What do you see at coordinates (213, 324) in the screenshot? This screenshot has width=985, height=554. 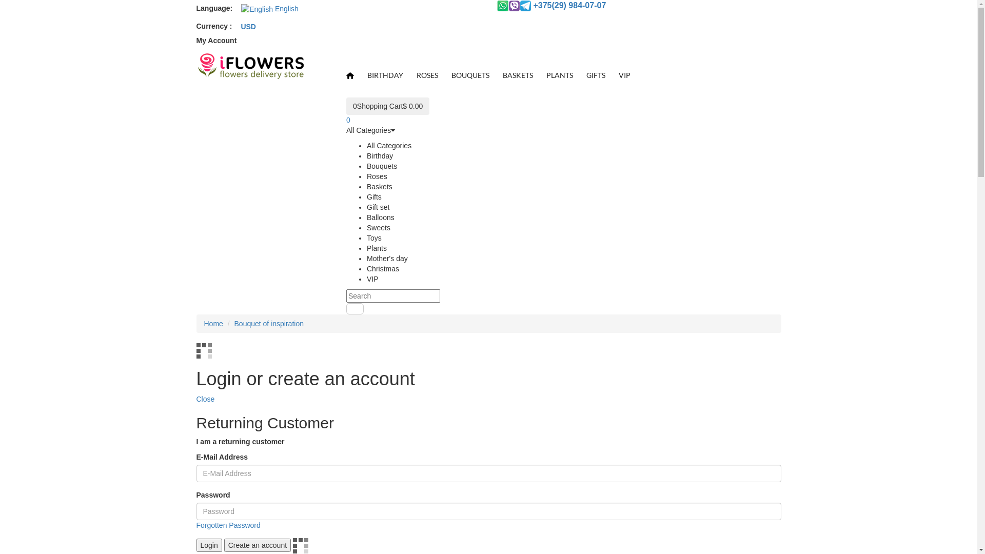 I see `'Home'` at bounding box center [213, 324].